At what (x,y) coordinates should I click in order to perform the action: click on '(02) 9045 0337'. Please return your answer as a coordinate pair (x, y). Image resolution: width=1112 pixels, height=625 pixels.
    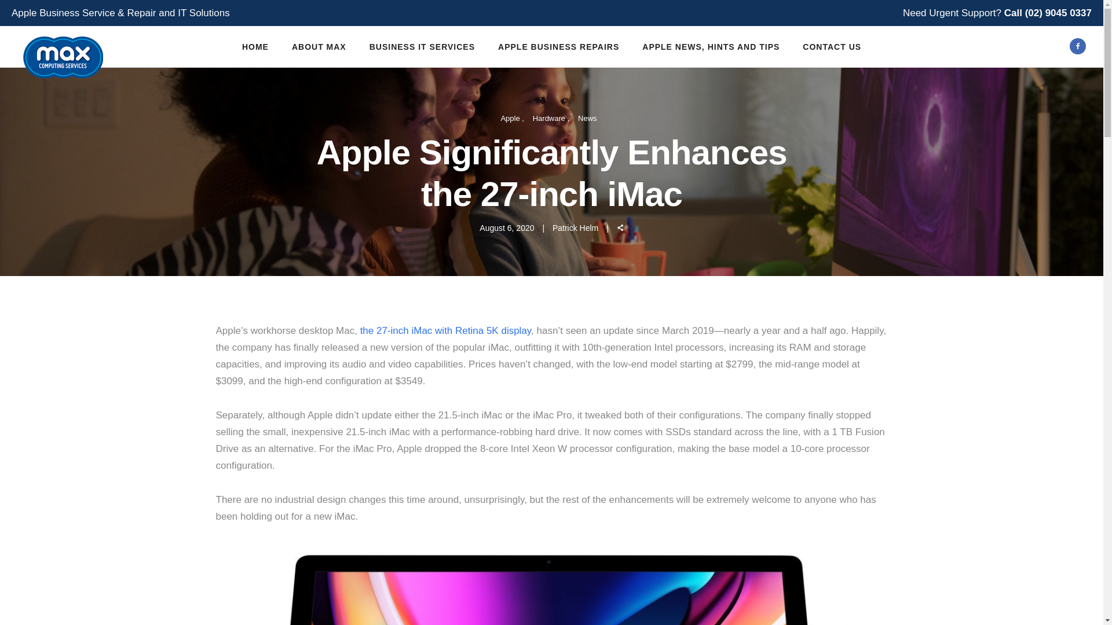
    Looking at the image, I should click on (1058, 13).